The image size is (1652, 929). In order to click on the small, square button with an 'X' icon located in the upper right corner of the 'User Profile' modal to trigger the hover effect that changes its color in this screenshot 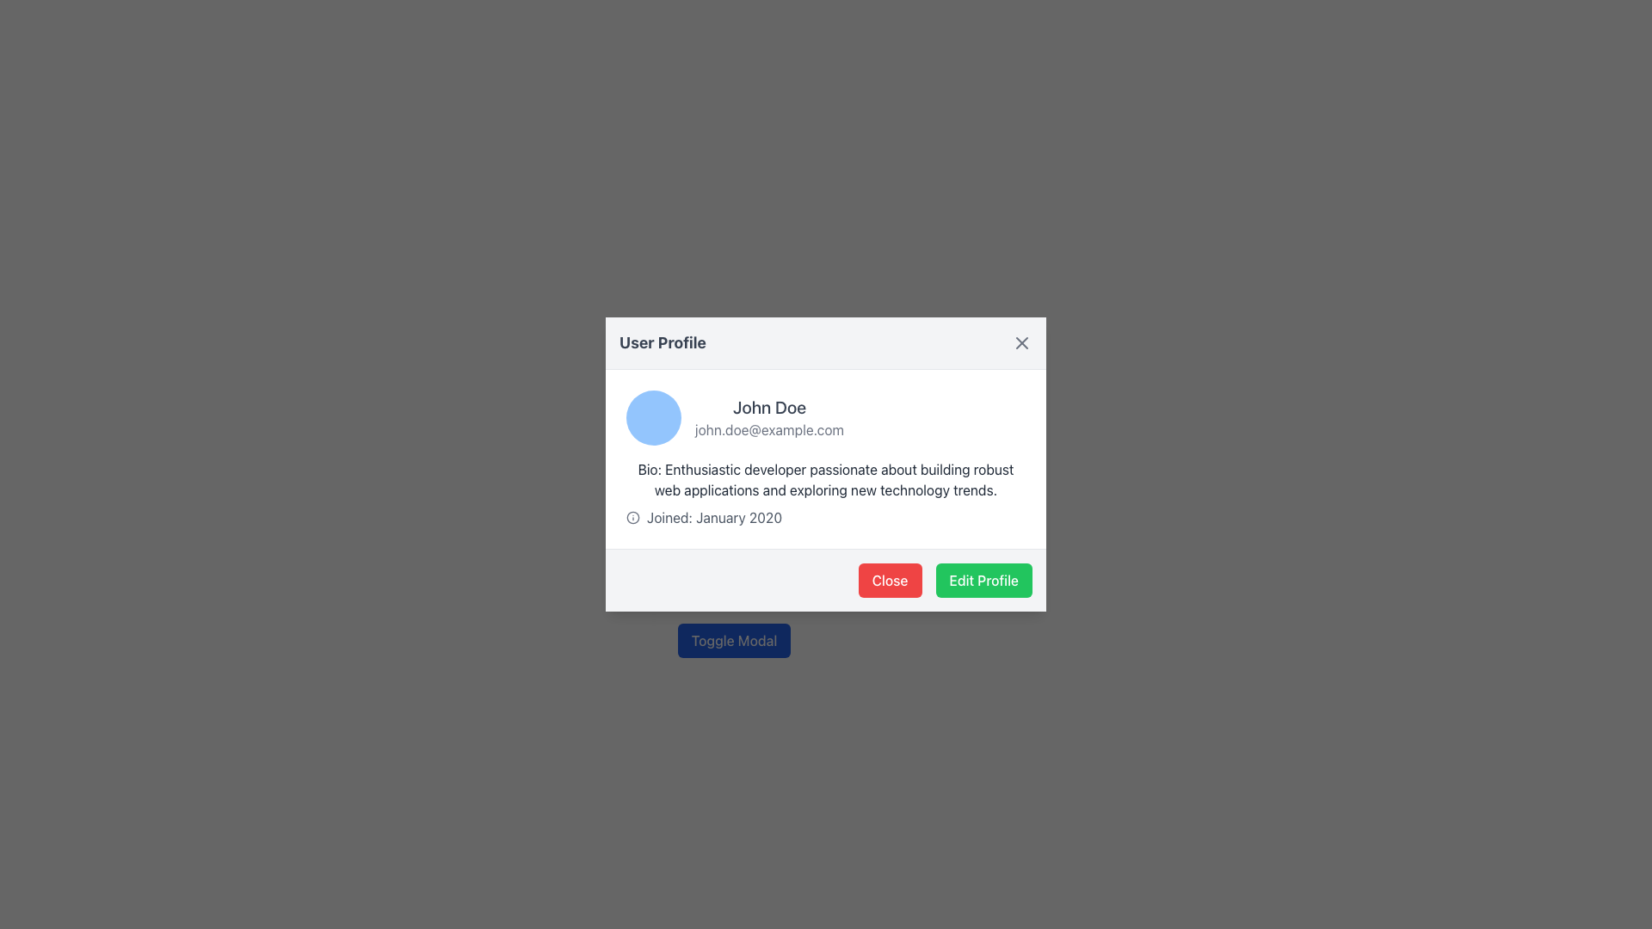, I will do `click(1022, 342)`.